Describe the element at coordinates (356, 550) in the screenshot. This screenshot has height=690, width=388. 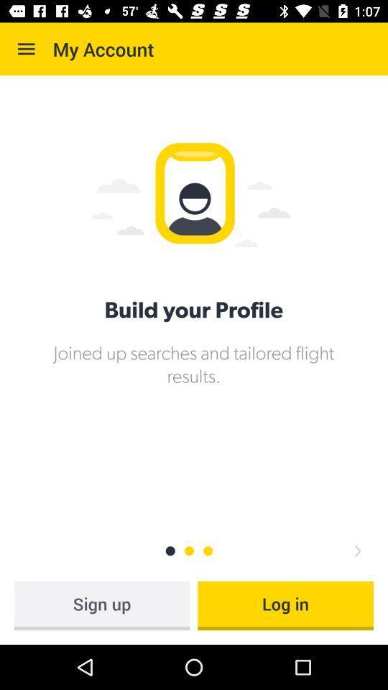
I see `click right arrow` at that location.